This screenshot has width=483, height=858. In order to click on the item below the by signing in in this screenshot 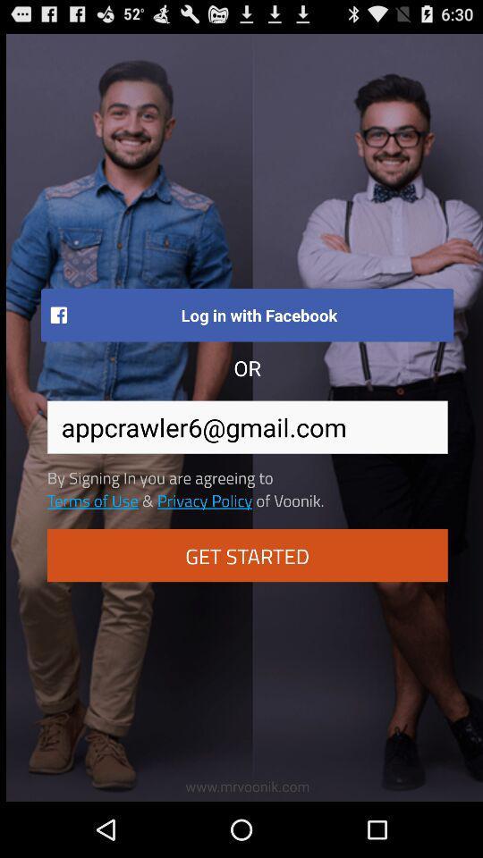, I will do `click(92, 500)`.